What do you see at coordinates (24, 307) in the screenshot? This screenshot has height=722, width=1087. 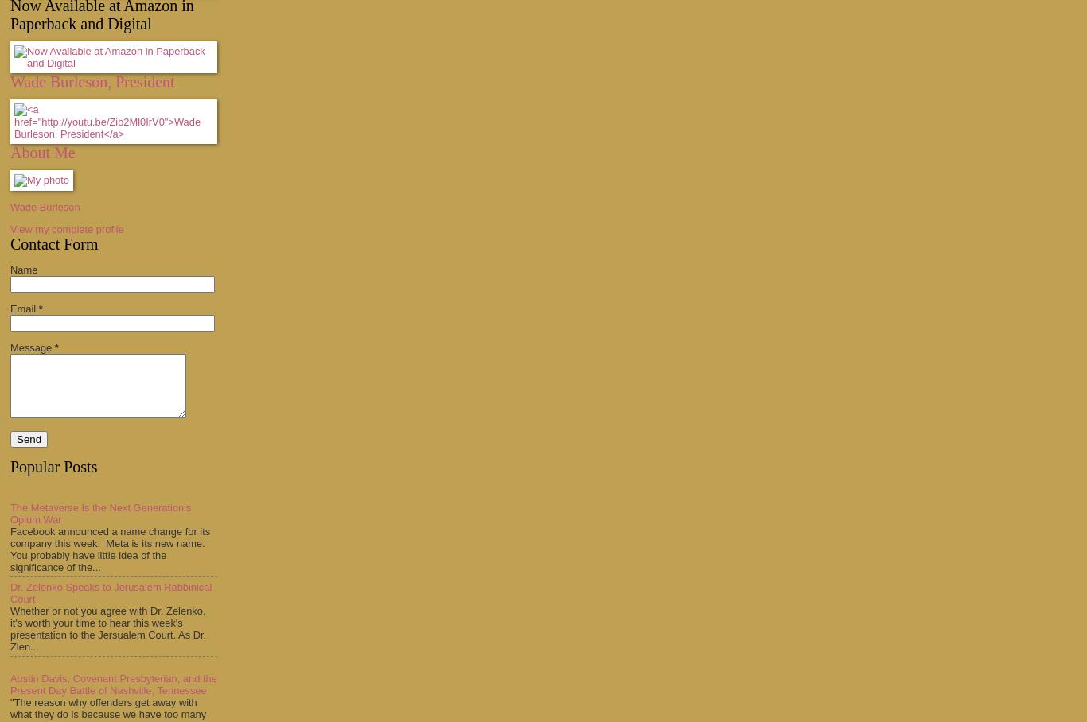 I see `'Email'` at bounding box center [24, 307].